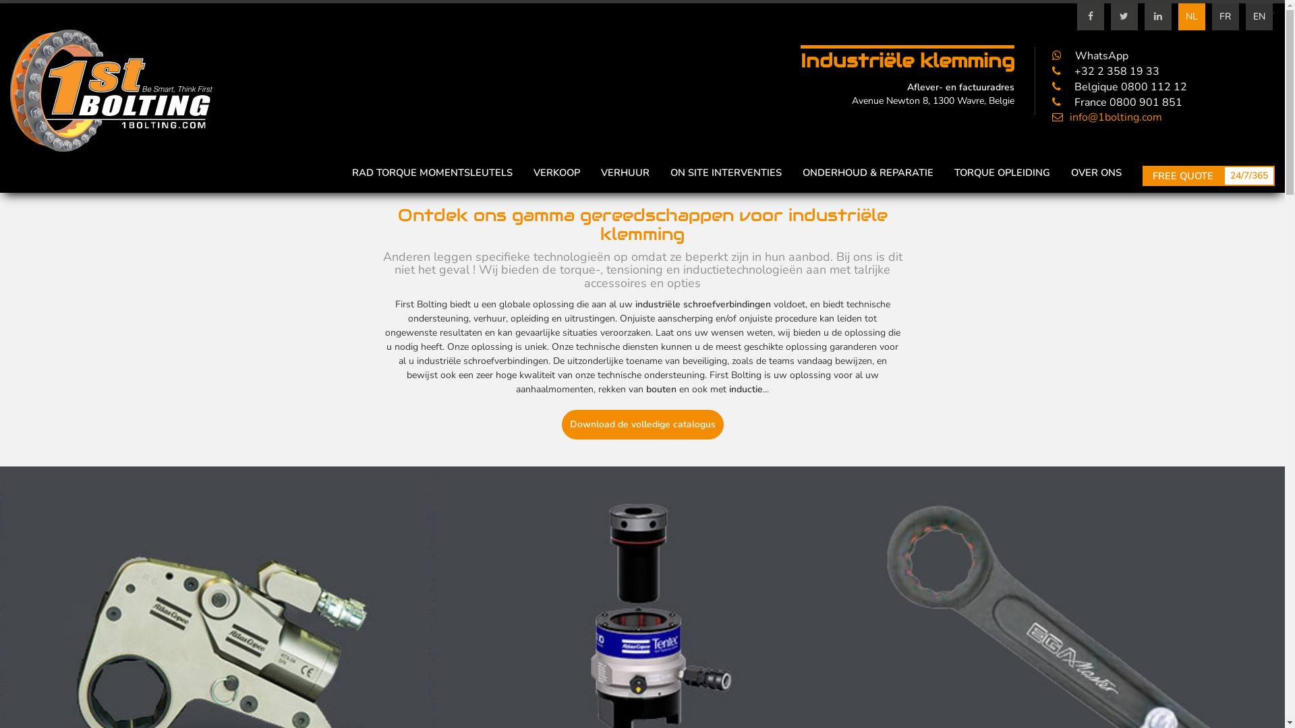  Describe the element at coordinates (1182, 175) in the screenshot. I see `'FREE QUOTE'` at that location.